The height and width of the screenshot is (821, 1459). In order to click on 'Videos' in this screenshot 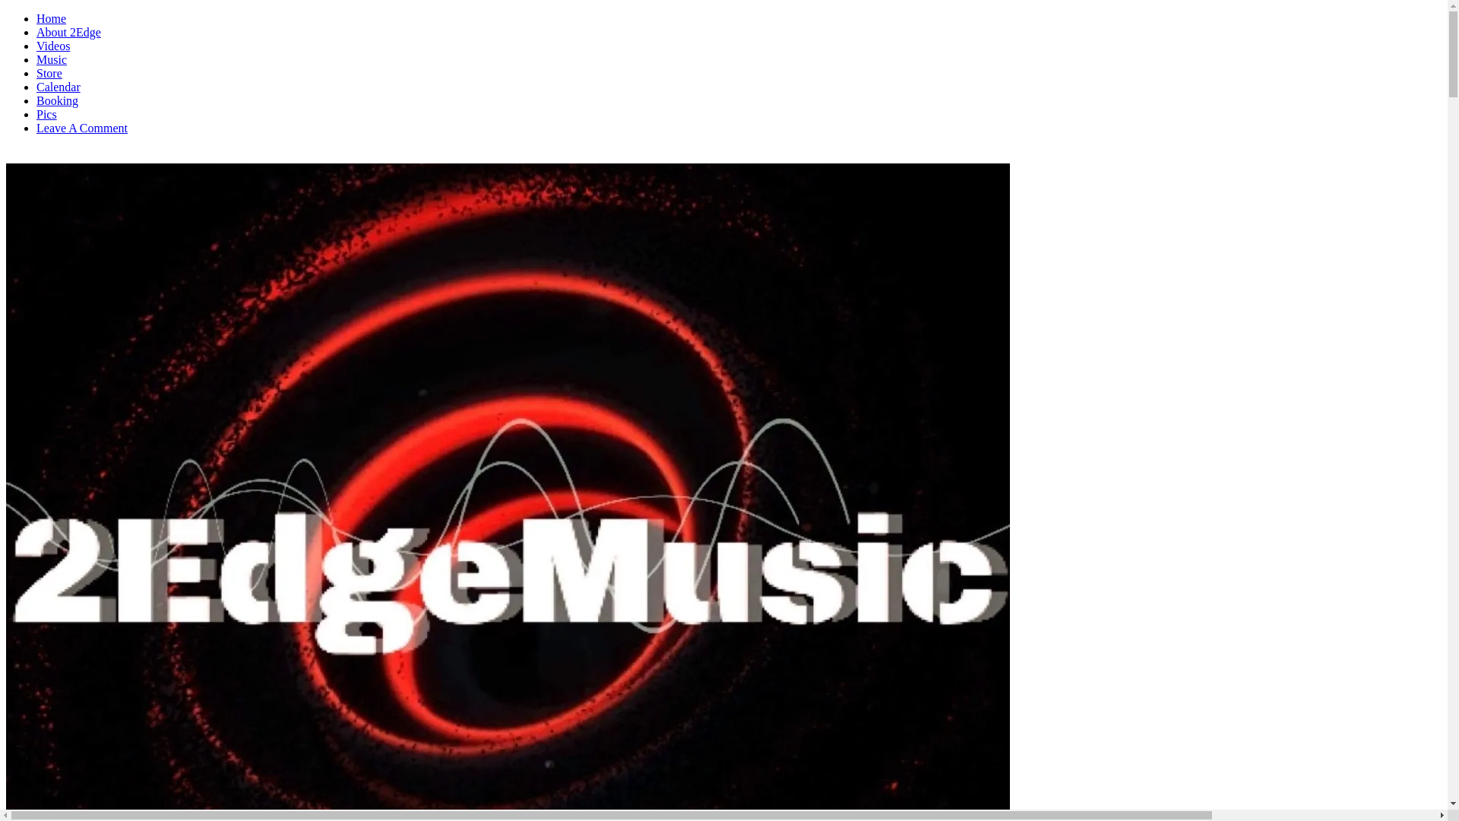, I will do `click(53, 45)`.